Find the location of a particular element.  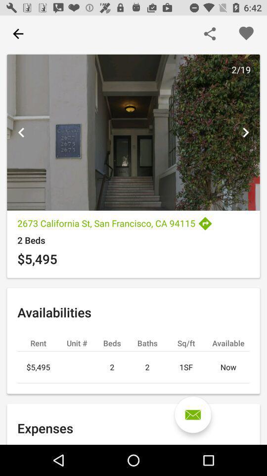

next property is located at coordinates (245, 132).